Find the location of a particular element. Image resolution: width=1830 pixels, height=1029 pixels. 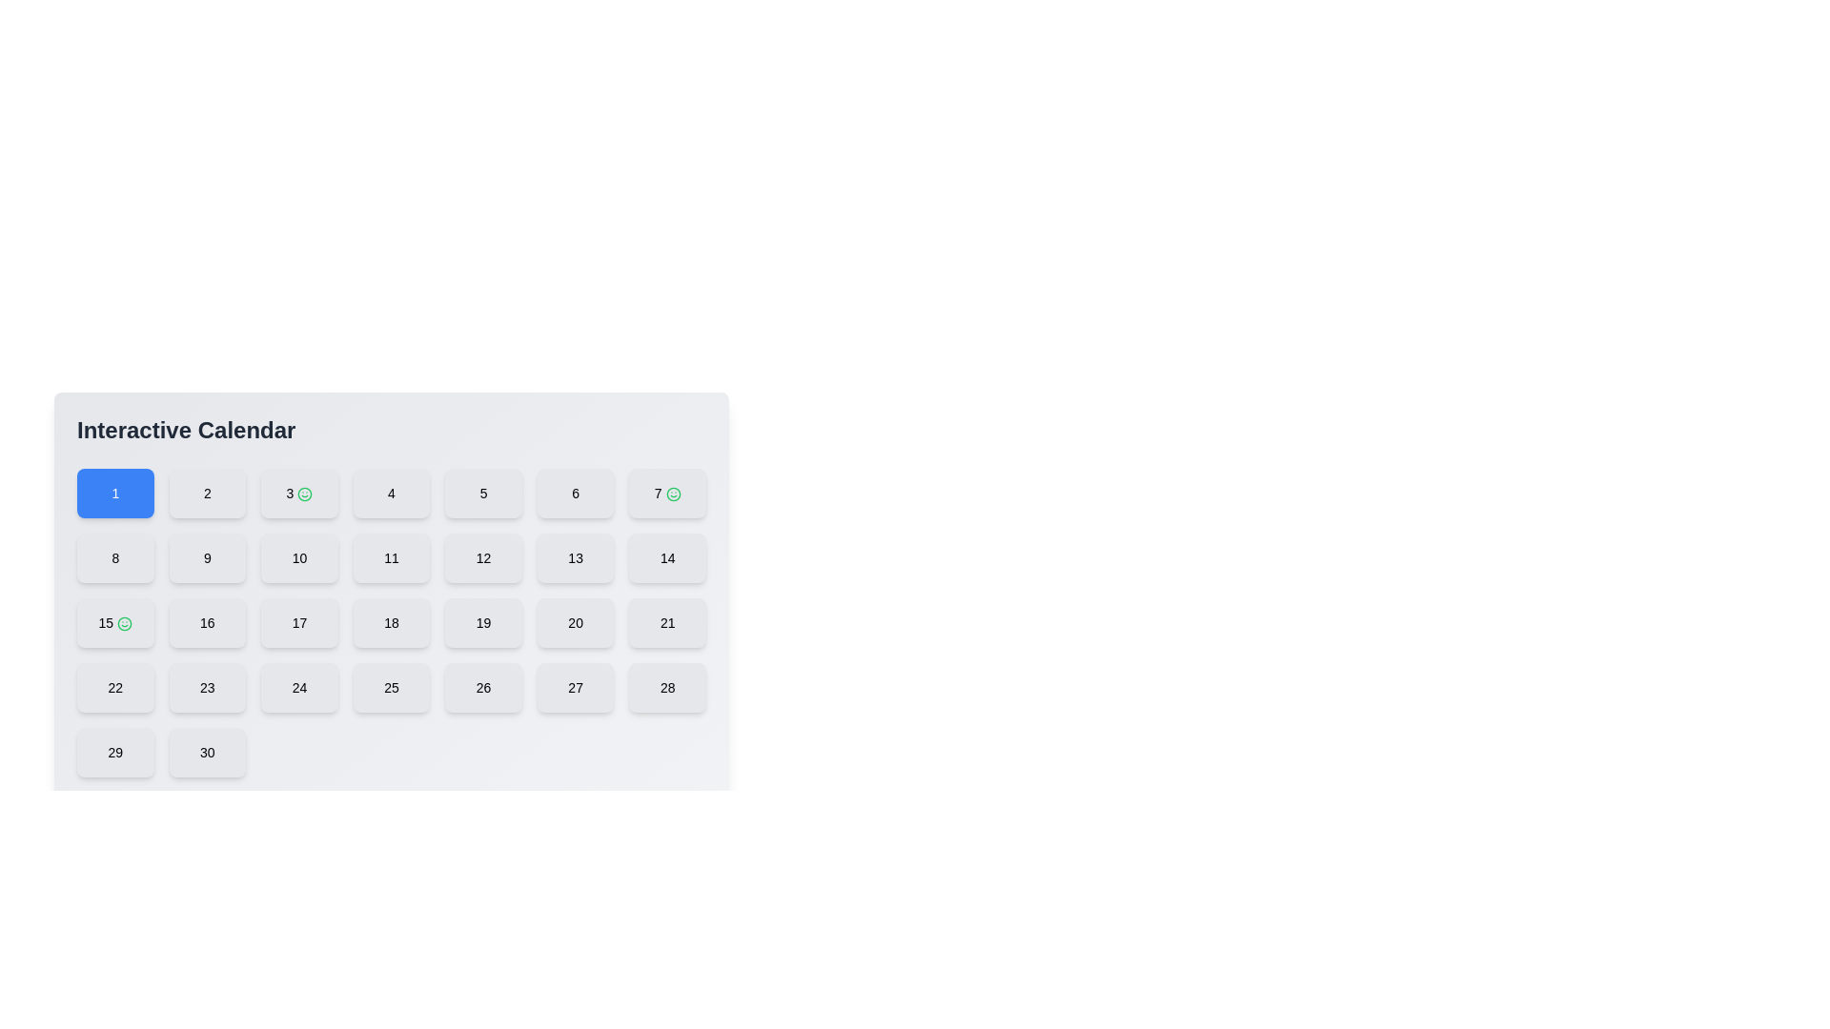

the square-shaped button labeled '16' with a light gray background and rounded corners located is located at coordinates (207, 623).